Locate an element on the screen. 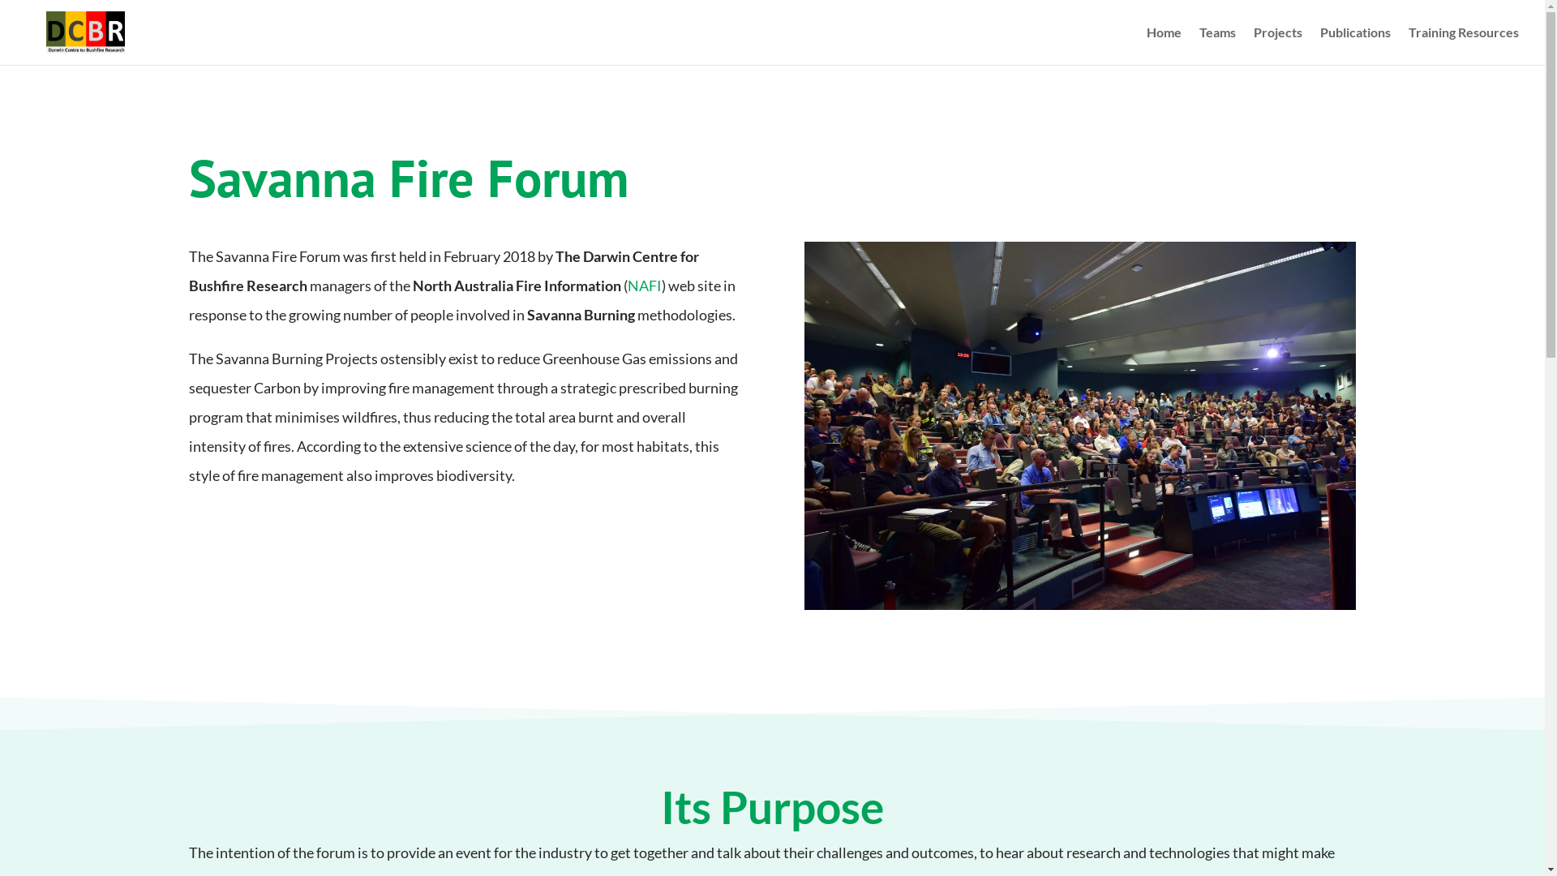  'Projects' is located at coordinates (1276, 45).